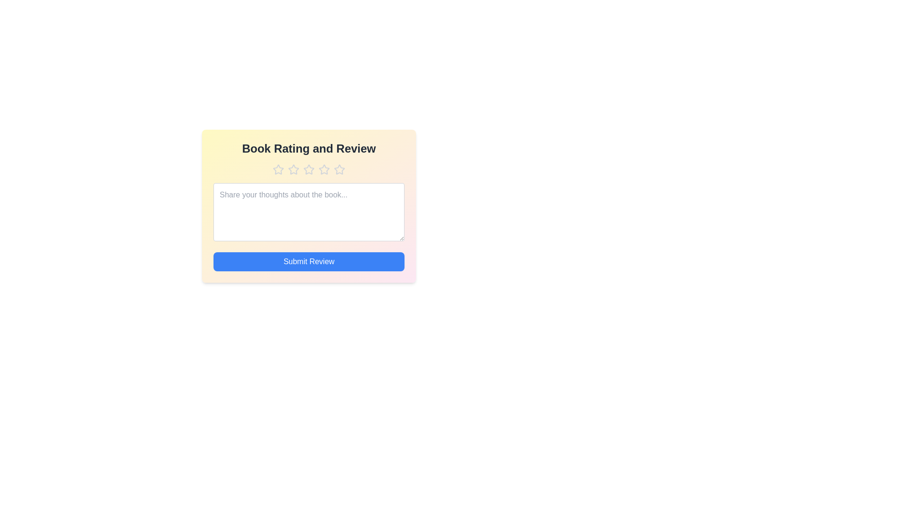 This screenshot has width=917, height=515. What do you see at coordinates (309, 169) in the screenshot?
I see `the book rating to 3 stars by clicking on the corresponding star` at bounding box center [309, 169].